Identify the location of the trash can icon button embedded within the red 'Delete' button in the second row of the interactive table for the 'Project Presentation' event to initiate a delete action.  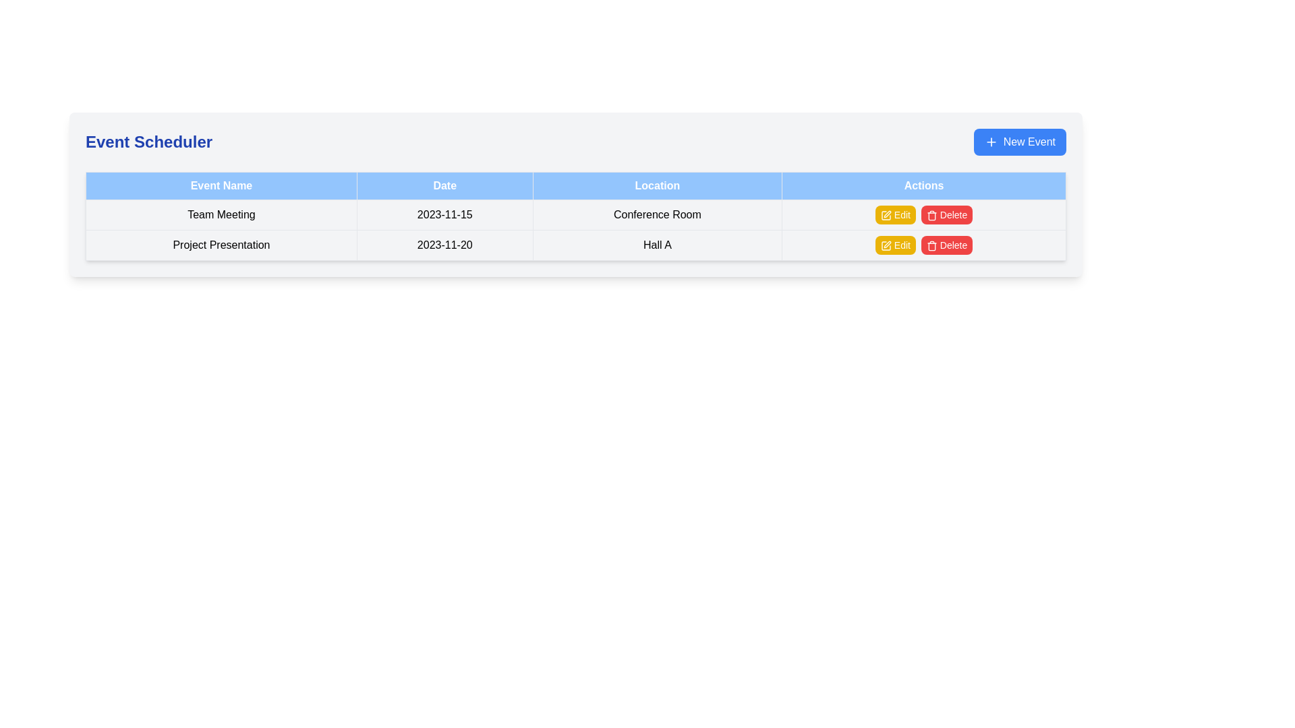
(931, 215).